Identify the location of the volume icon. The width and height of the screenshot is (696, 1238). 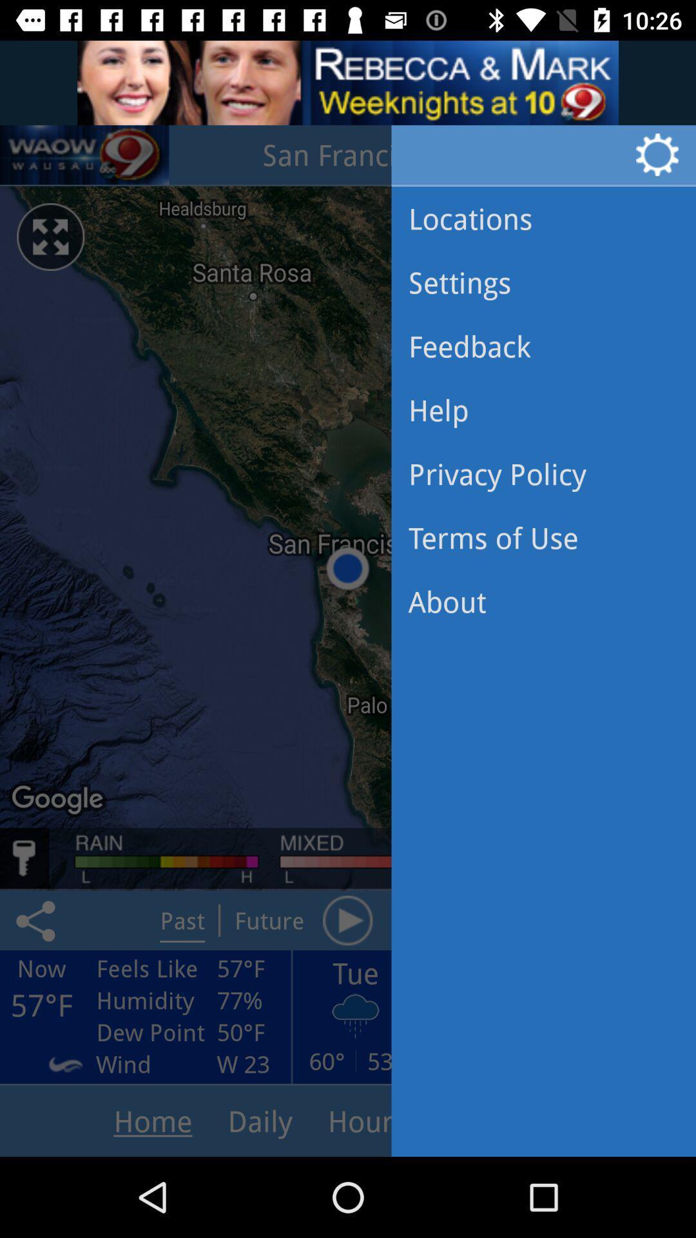
(84, 155).